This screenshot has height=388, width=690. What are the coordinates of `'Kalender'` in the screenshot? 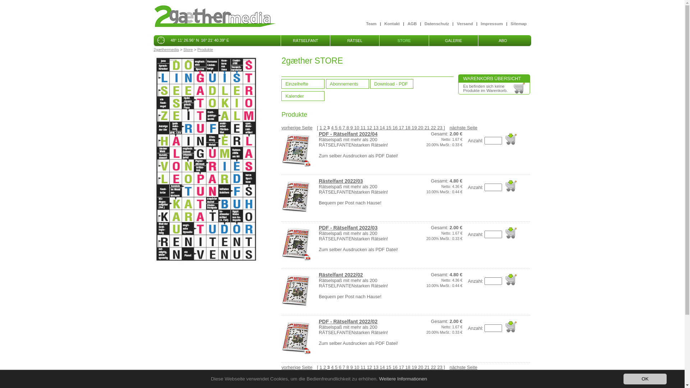 It's located at (303, 96).